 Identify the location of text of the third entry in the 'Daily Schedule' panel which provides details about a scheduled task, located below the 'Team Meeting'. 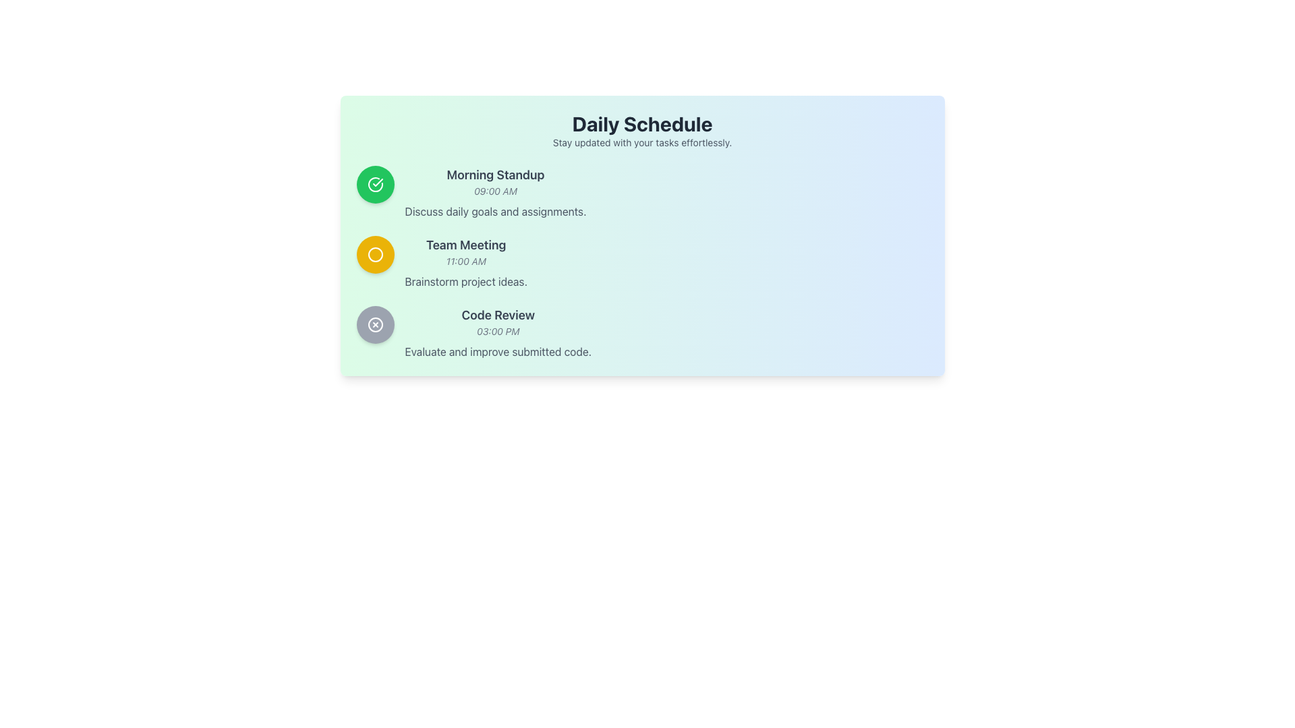
(497, 332).